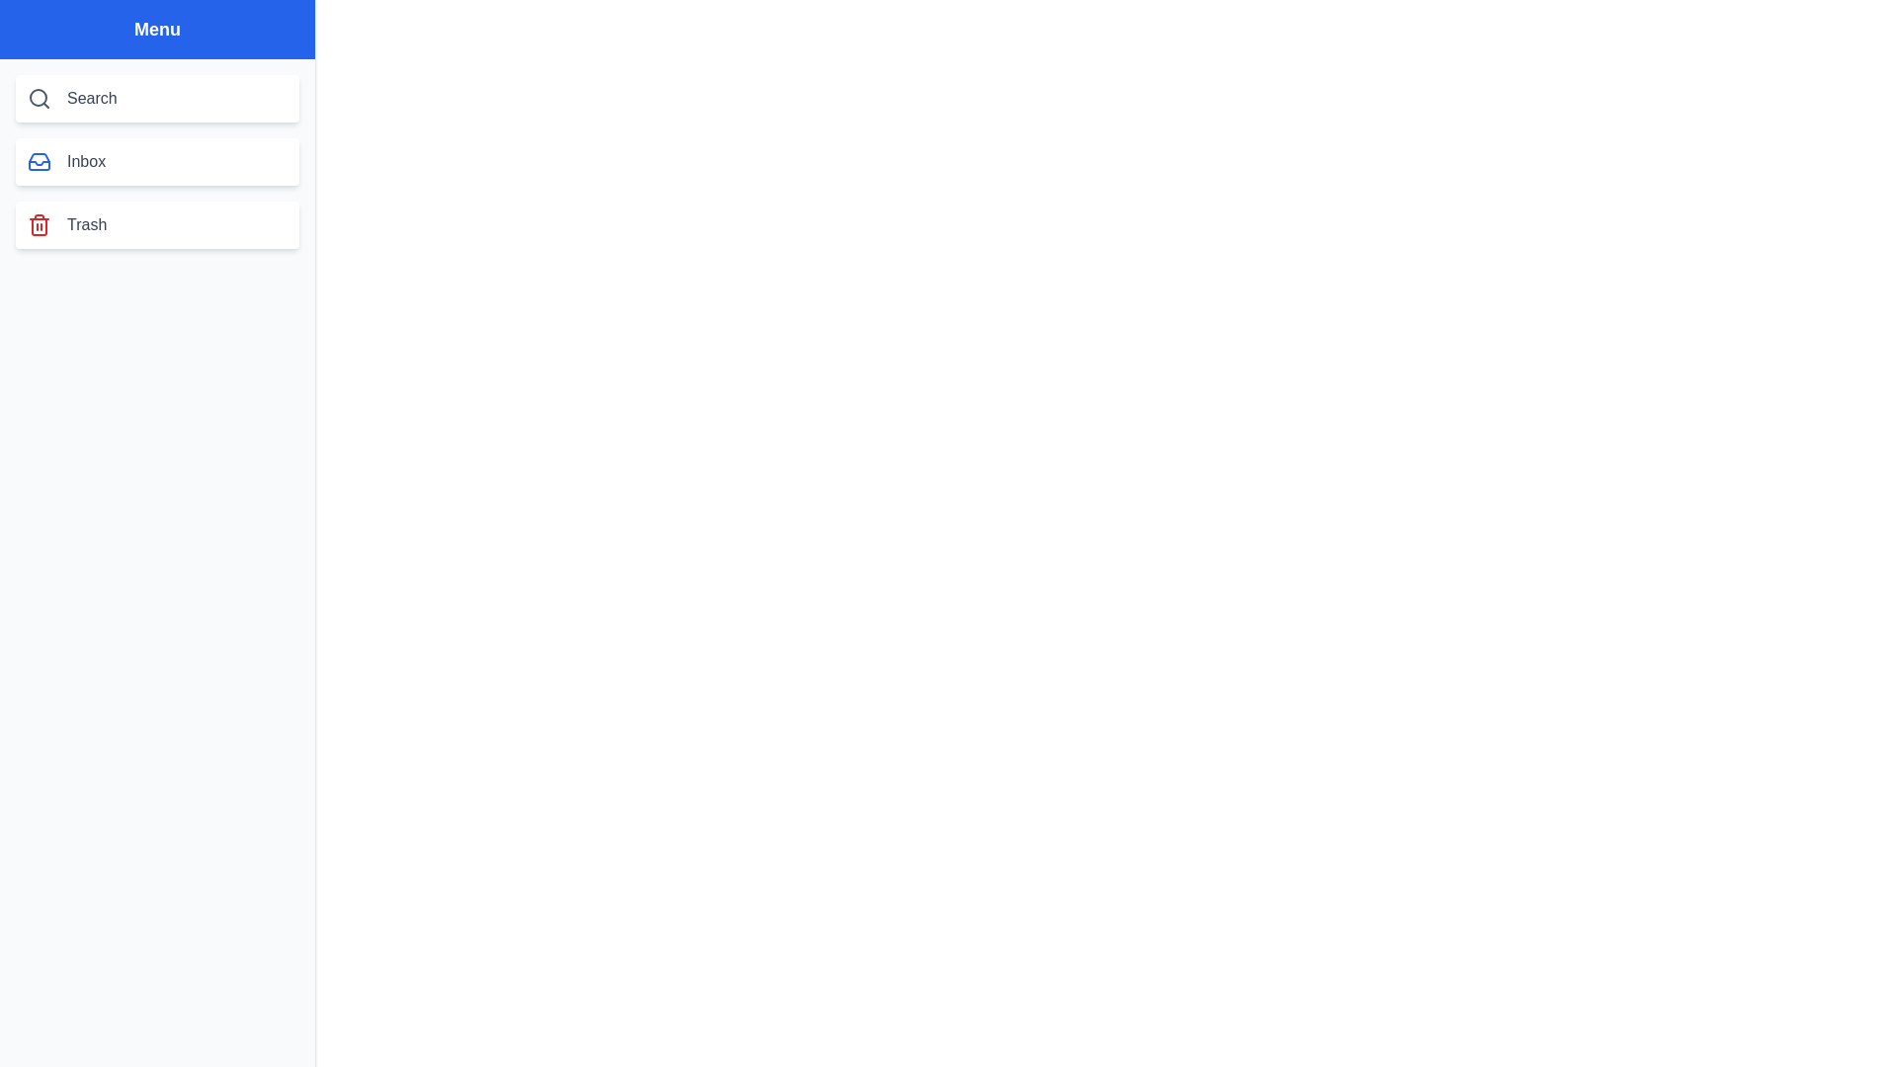 This screenshot has height=1067, width=1897. Describe the element at coordinates (156, 223) in the screenshot. I see `the menu item Trash by clicking on it` at that location.